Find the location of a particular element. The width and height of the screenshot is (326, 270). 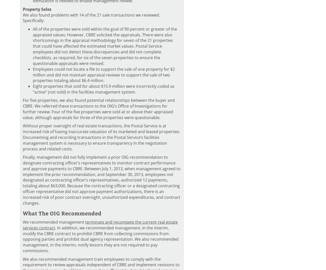

'Property Sales' is located at coordinates (37, 9).